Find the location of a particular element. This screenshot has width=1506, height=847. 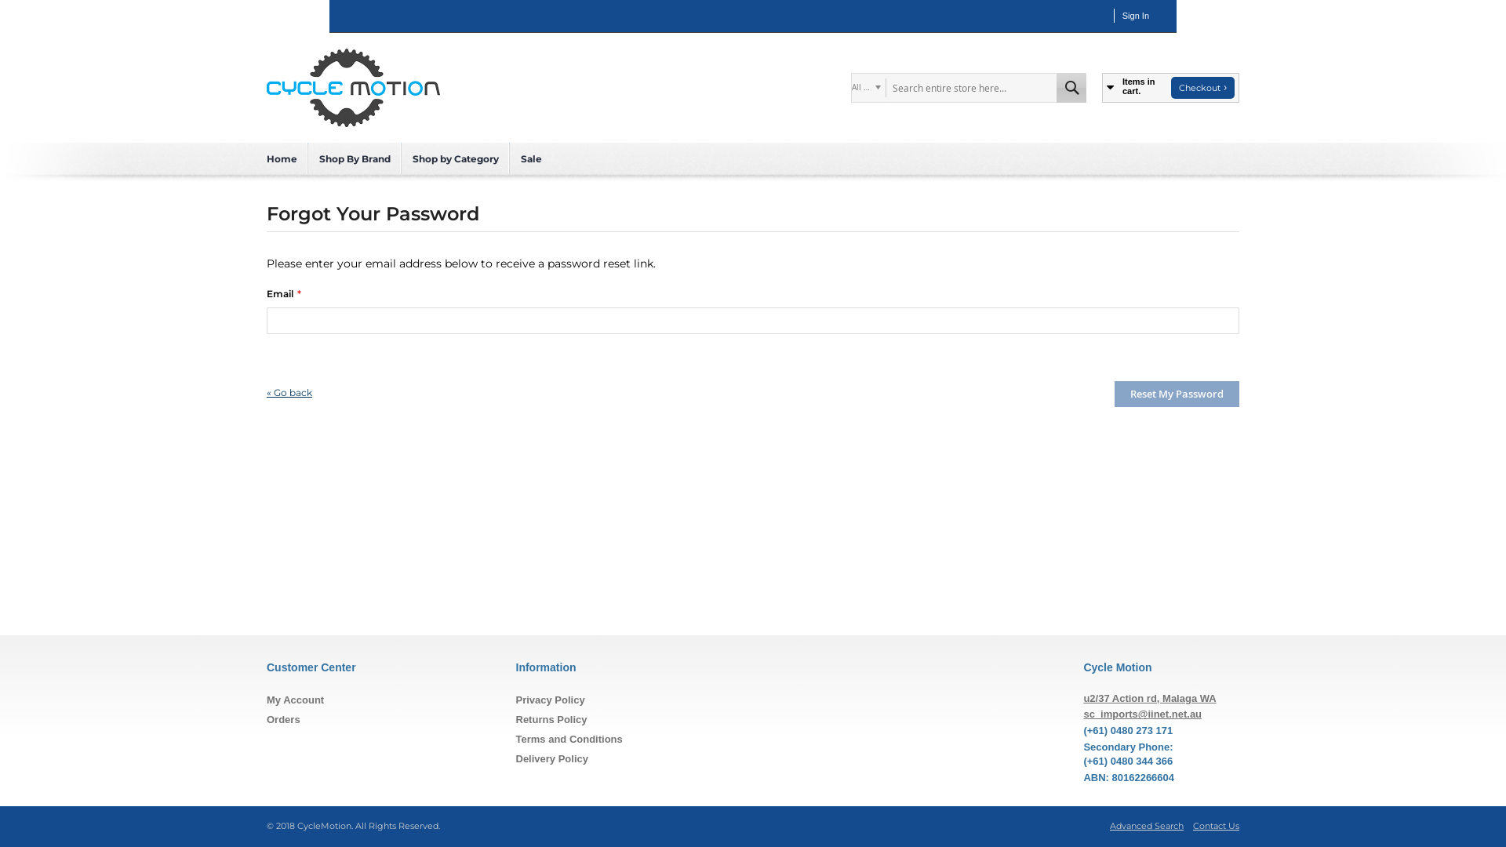

'Terms and Conditions' is located at coordinates (568, 739).